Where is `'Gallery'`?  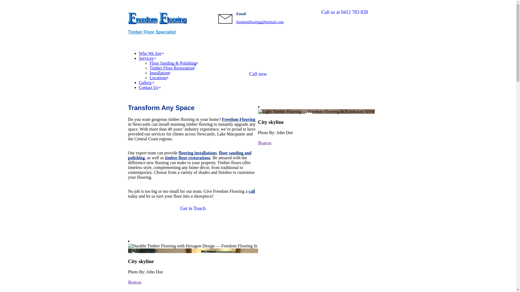 'Gallery' is located at coordinates (147, 82).